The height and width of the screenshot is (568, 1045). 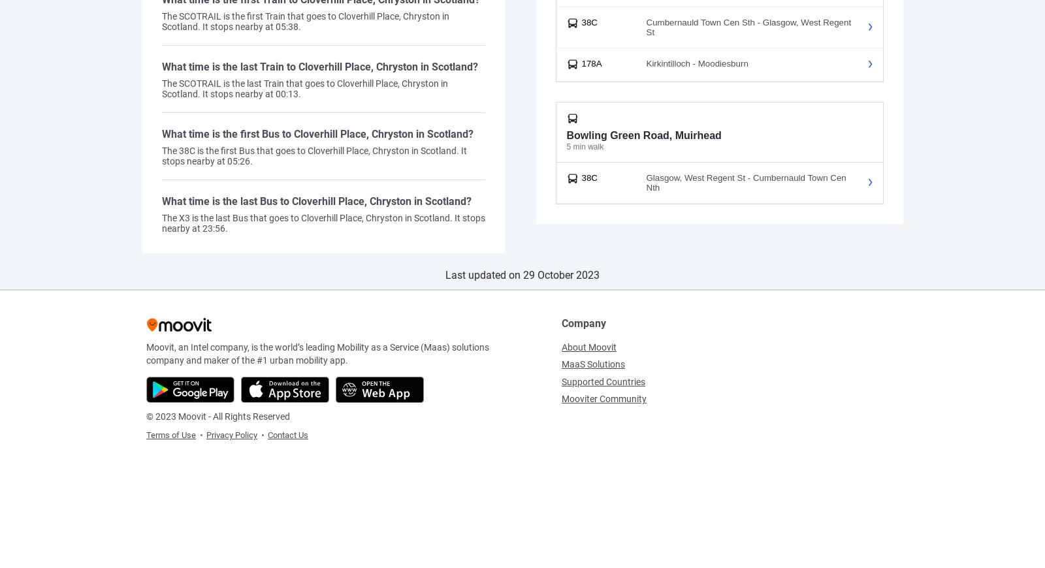 What do you see at coordinates (697, 63) in the screenshot?
I see `'Kirkintilloch - Moodiesburn'` at bounding box center [697, 63].